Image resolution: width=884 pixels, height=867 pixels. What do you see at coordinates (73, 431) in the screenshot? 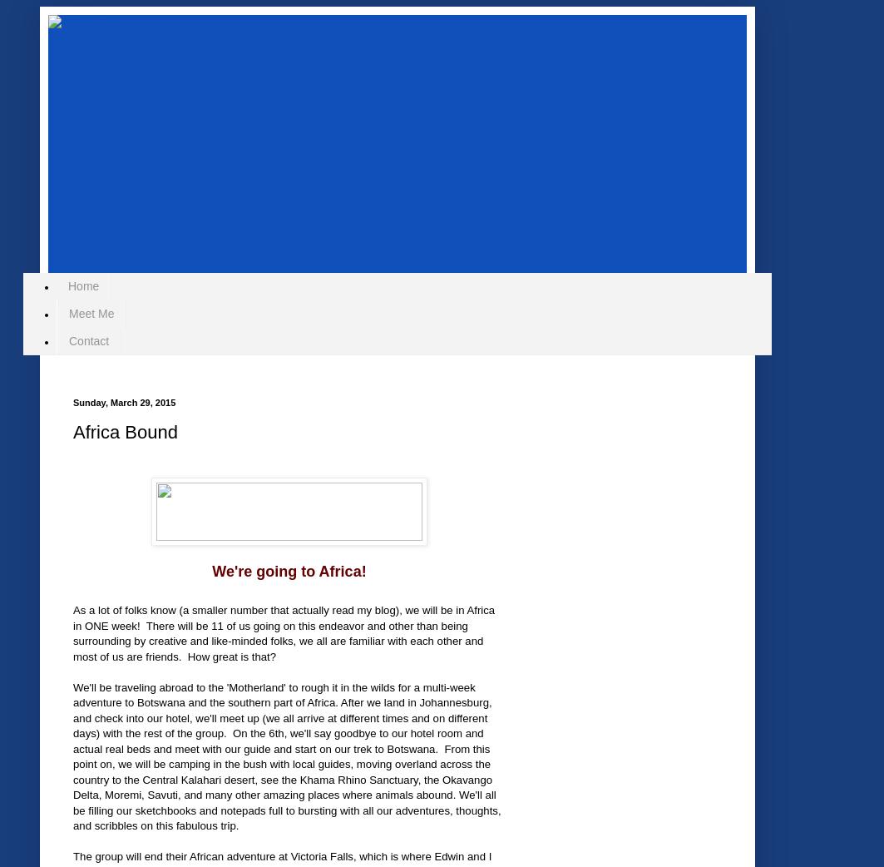
I see `'Africa Bound'` at bounding box center [73, 431].